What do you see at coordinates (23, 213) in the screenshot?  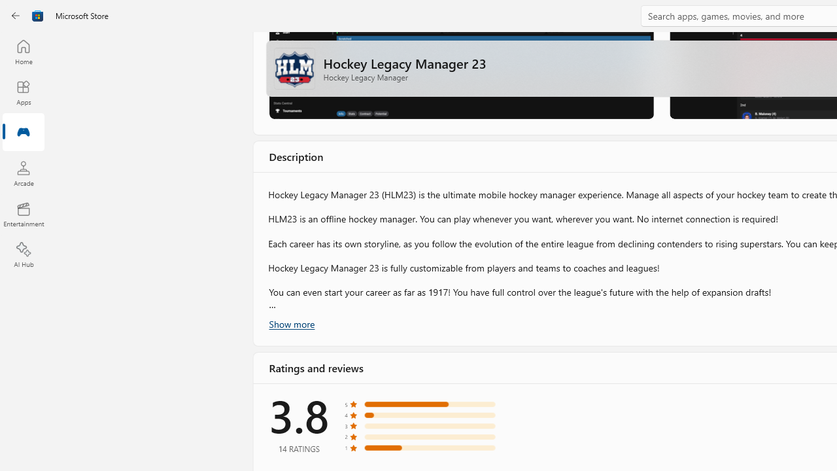 I see `'Entertainment'` at bounding box center [23, 213].